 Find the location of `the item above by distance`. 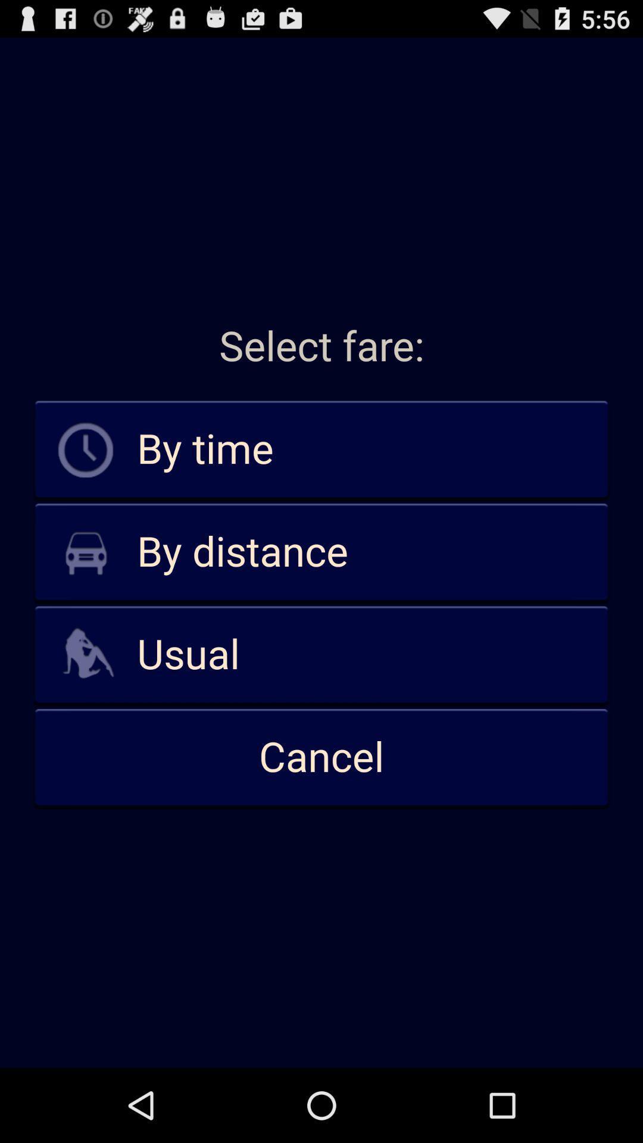

the item above by distance is located at coordinates (321, 449).